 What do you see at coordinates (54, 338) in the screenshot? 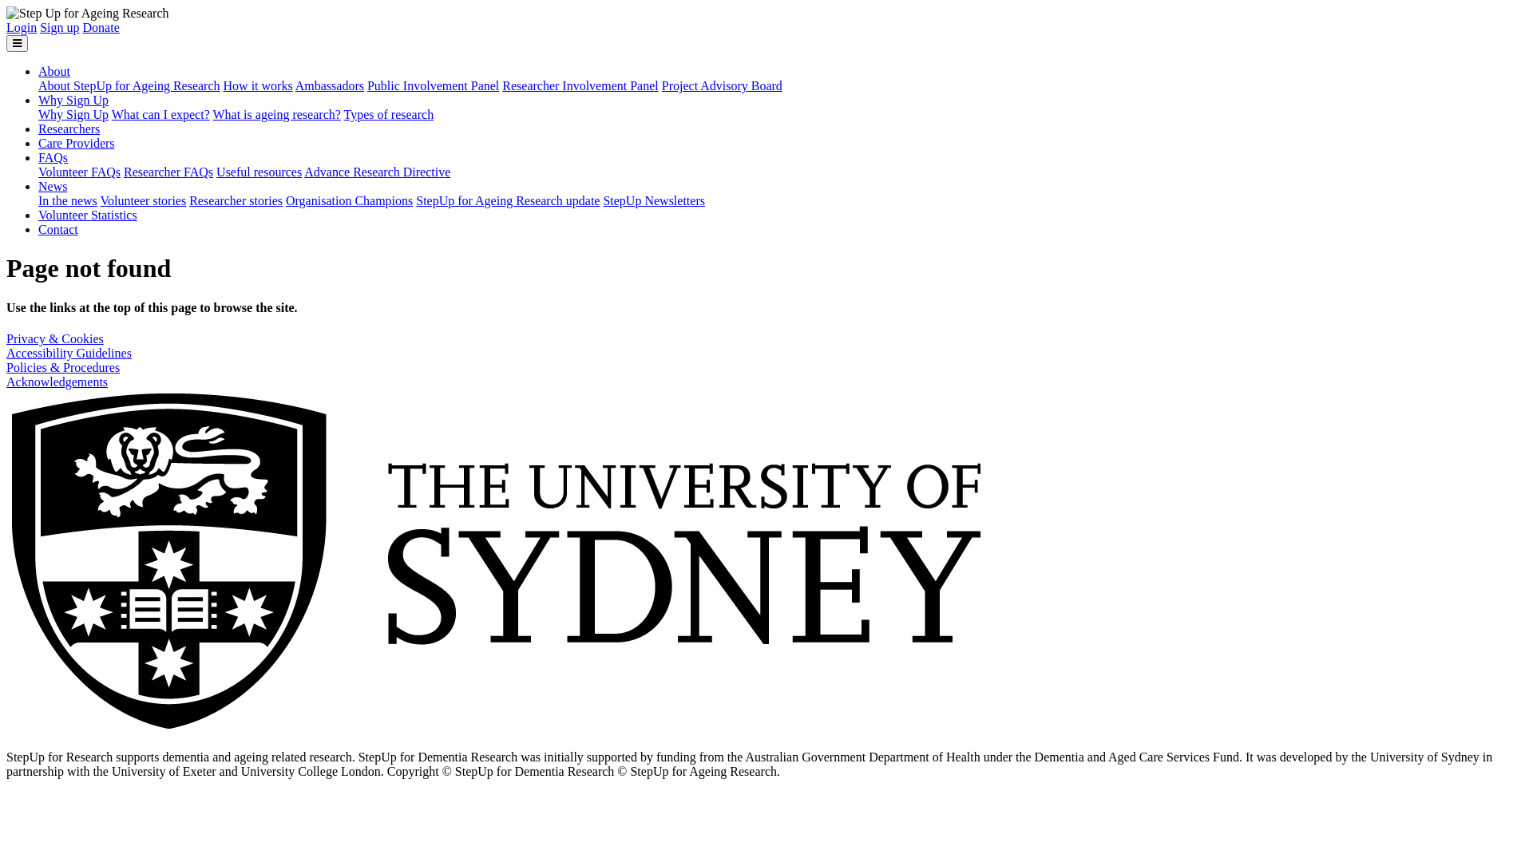
I see `'Privacy & Cookies'` at bounding box center [54, 338].